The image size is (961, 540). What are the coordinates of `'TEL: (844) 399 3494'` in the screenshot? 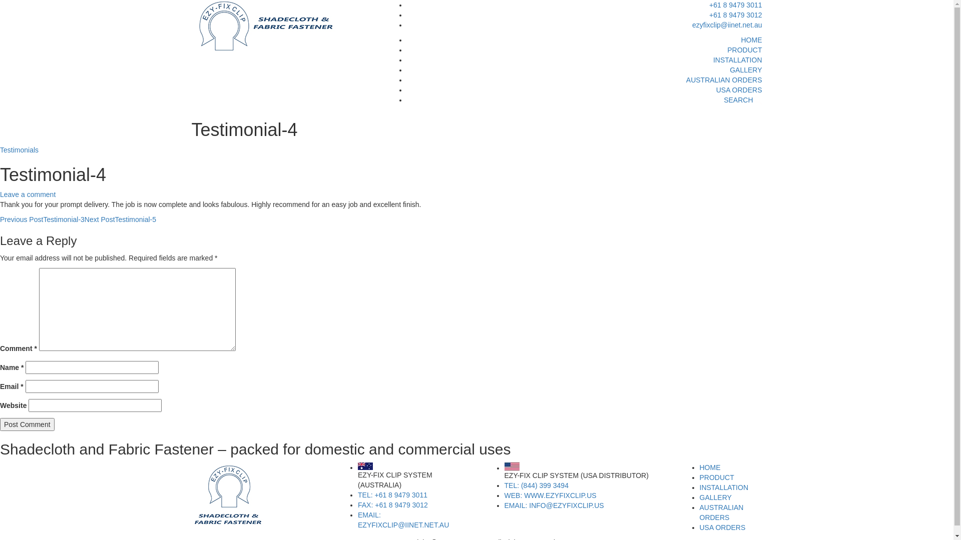 It's located at (505, 485).